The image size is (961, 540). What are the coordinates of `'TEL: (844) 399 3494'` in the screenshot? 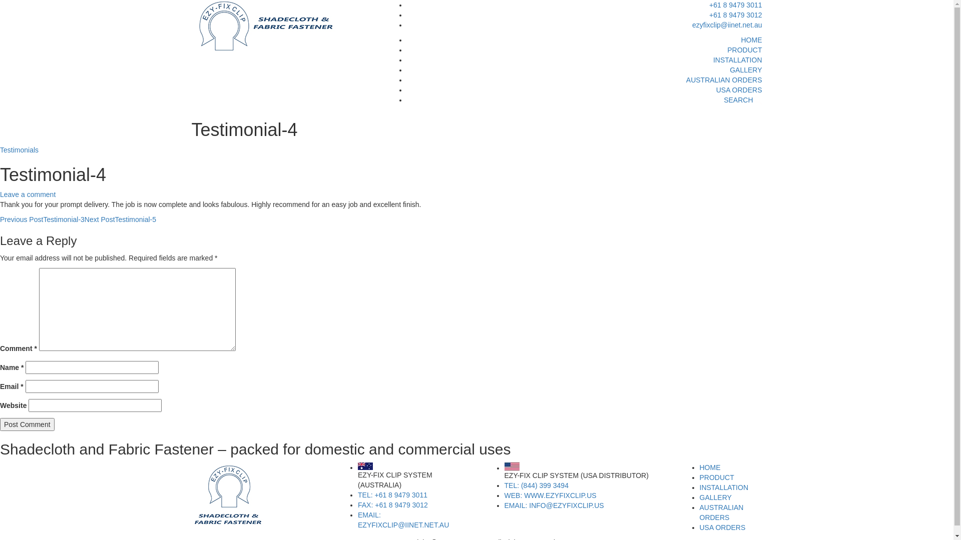 It's located at (505, 485).